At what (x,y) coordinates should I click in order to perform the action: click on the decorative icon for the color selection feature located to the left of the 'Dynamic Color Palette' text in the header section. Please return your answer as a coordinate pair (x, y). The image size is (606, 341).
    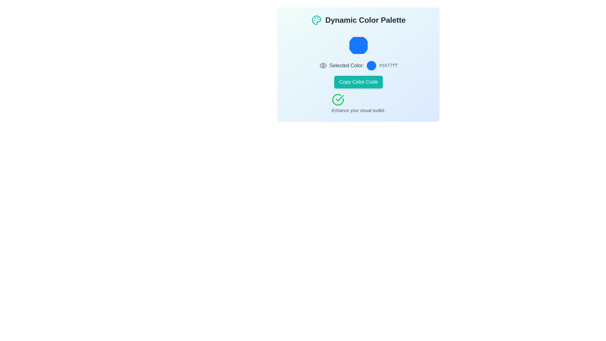
    Looking at the image, I should click on (316, 20).